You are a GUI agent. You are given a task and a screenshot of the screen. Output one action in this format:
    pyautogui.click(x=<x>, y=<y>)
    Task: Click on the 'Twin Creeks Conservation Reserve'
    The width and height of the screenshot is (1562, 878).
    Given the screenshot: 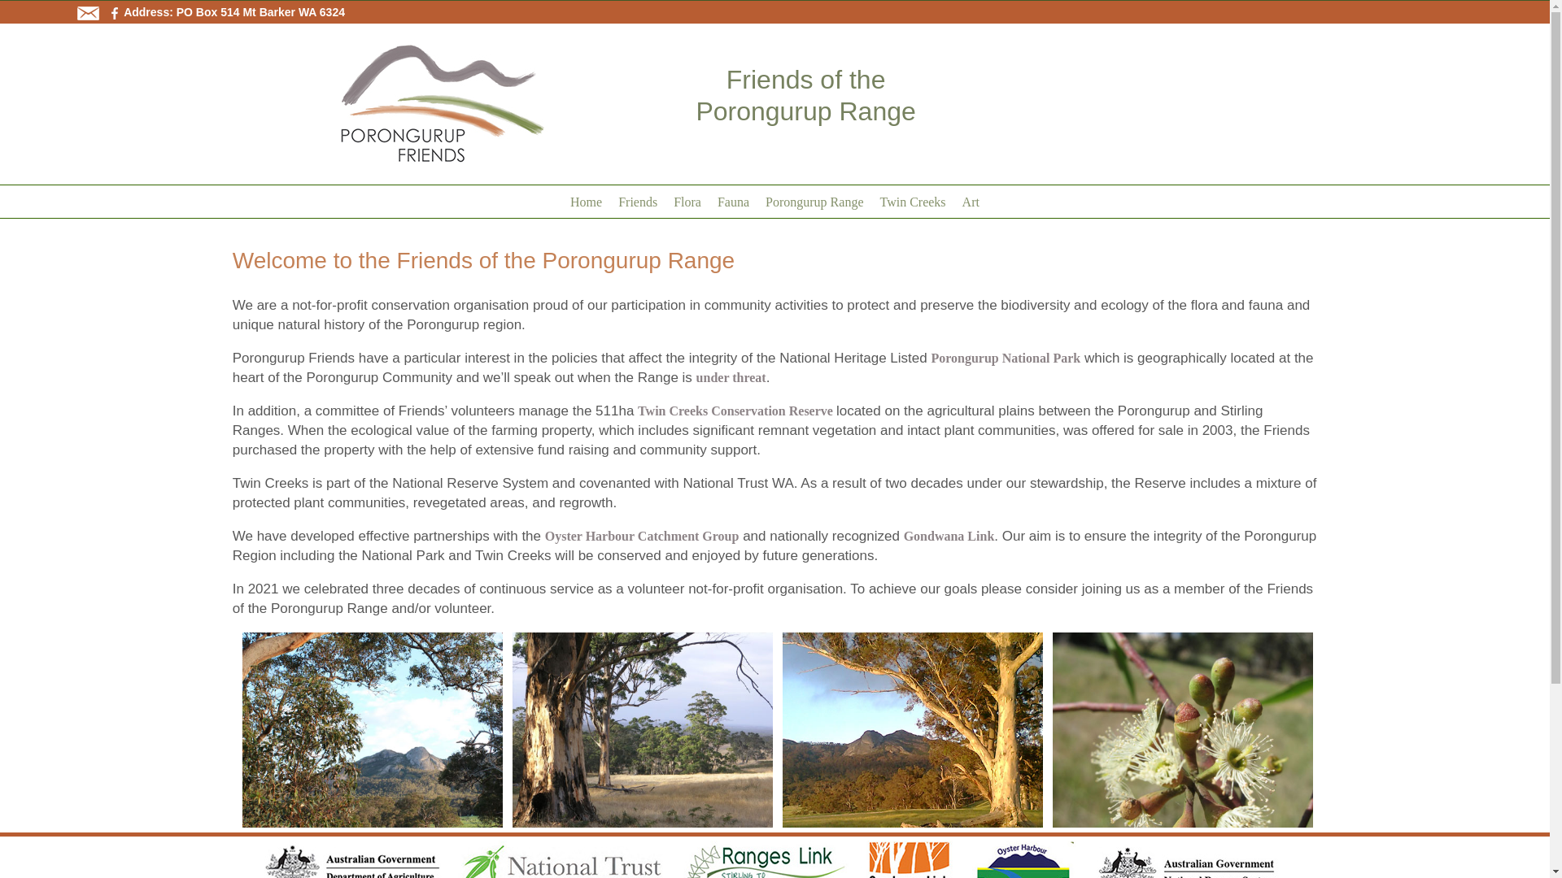 What is the action you would take?
    pyautogui.click(x=636, y=410)
    